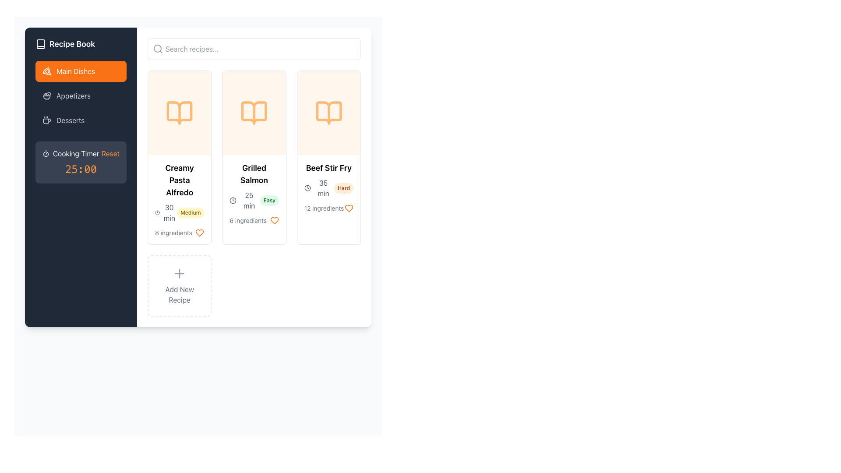  Describe the element at coordinates (158, 49) in the screenshot. I see `the magnifying glass icon located next to the search bar to initiate a search action` at that location.